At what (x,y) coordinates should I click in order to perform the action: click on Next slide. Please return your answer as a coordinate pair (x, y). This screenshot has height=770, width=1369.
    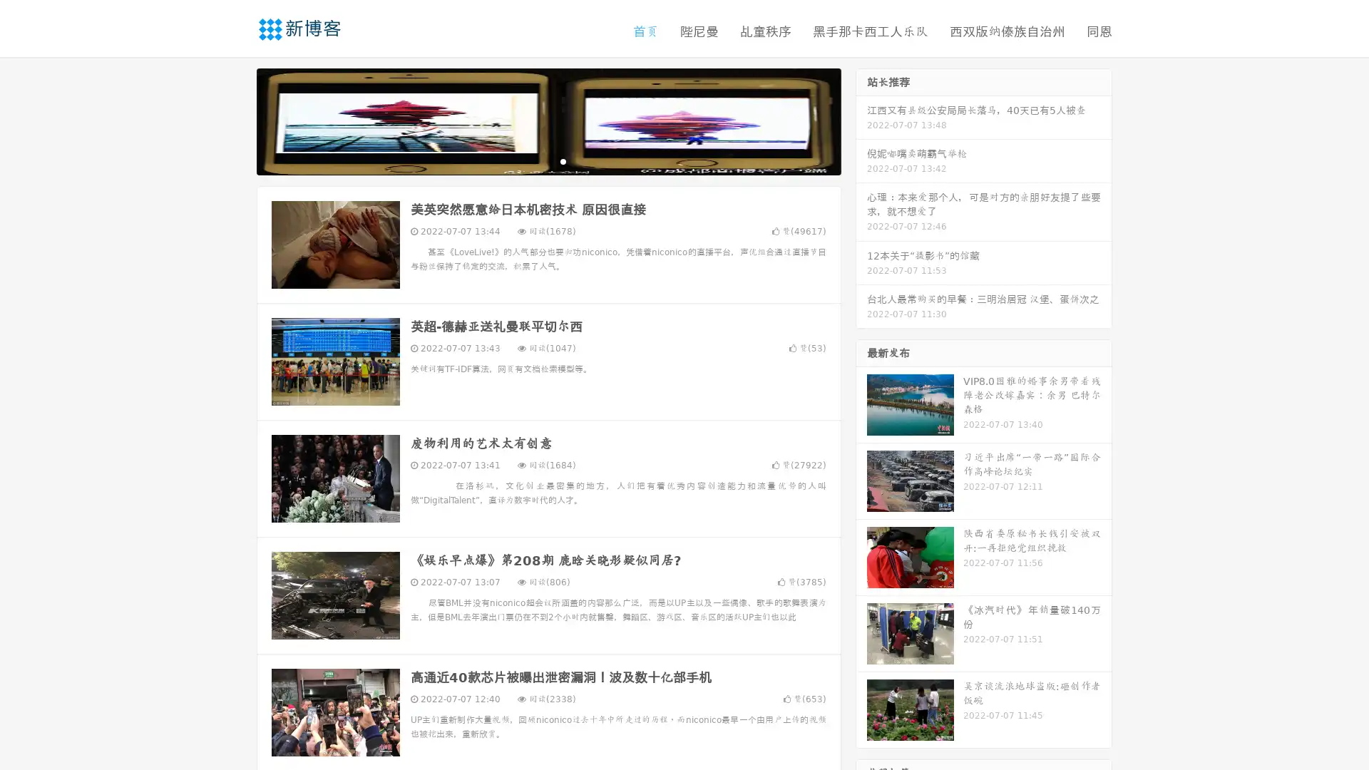
    Looking at the image, I should click on (861, 120).